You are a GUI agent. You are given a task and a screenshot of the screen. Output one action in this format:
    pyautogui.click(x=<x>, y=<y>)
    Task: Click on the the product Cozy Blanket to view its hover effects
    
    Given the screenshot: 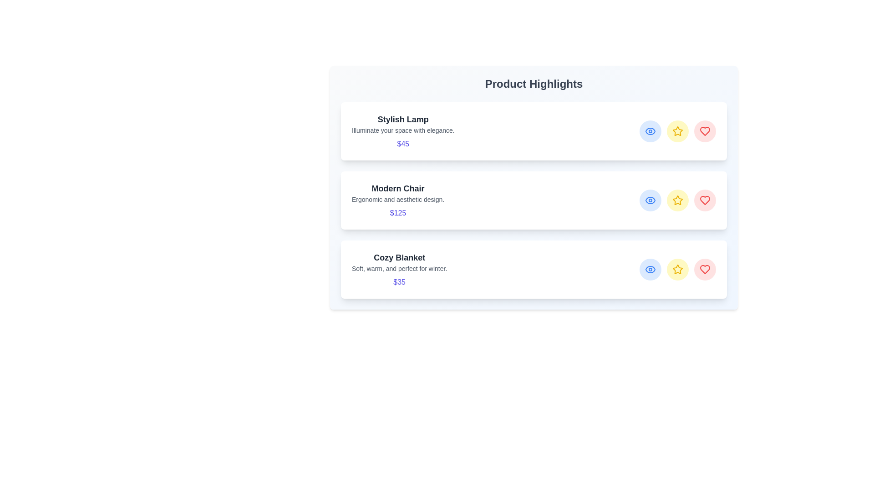 What is the action you would take?
    pyautogui.click(x=534, y=269)
    